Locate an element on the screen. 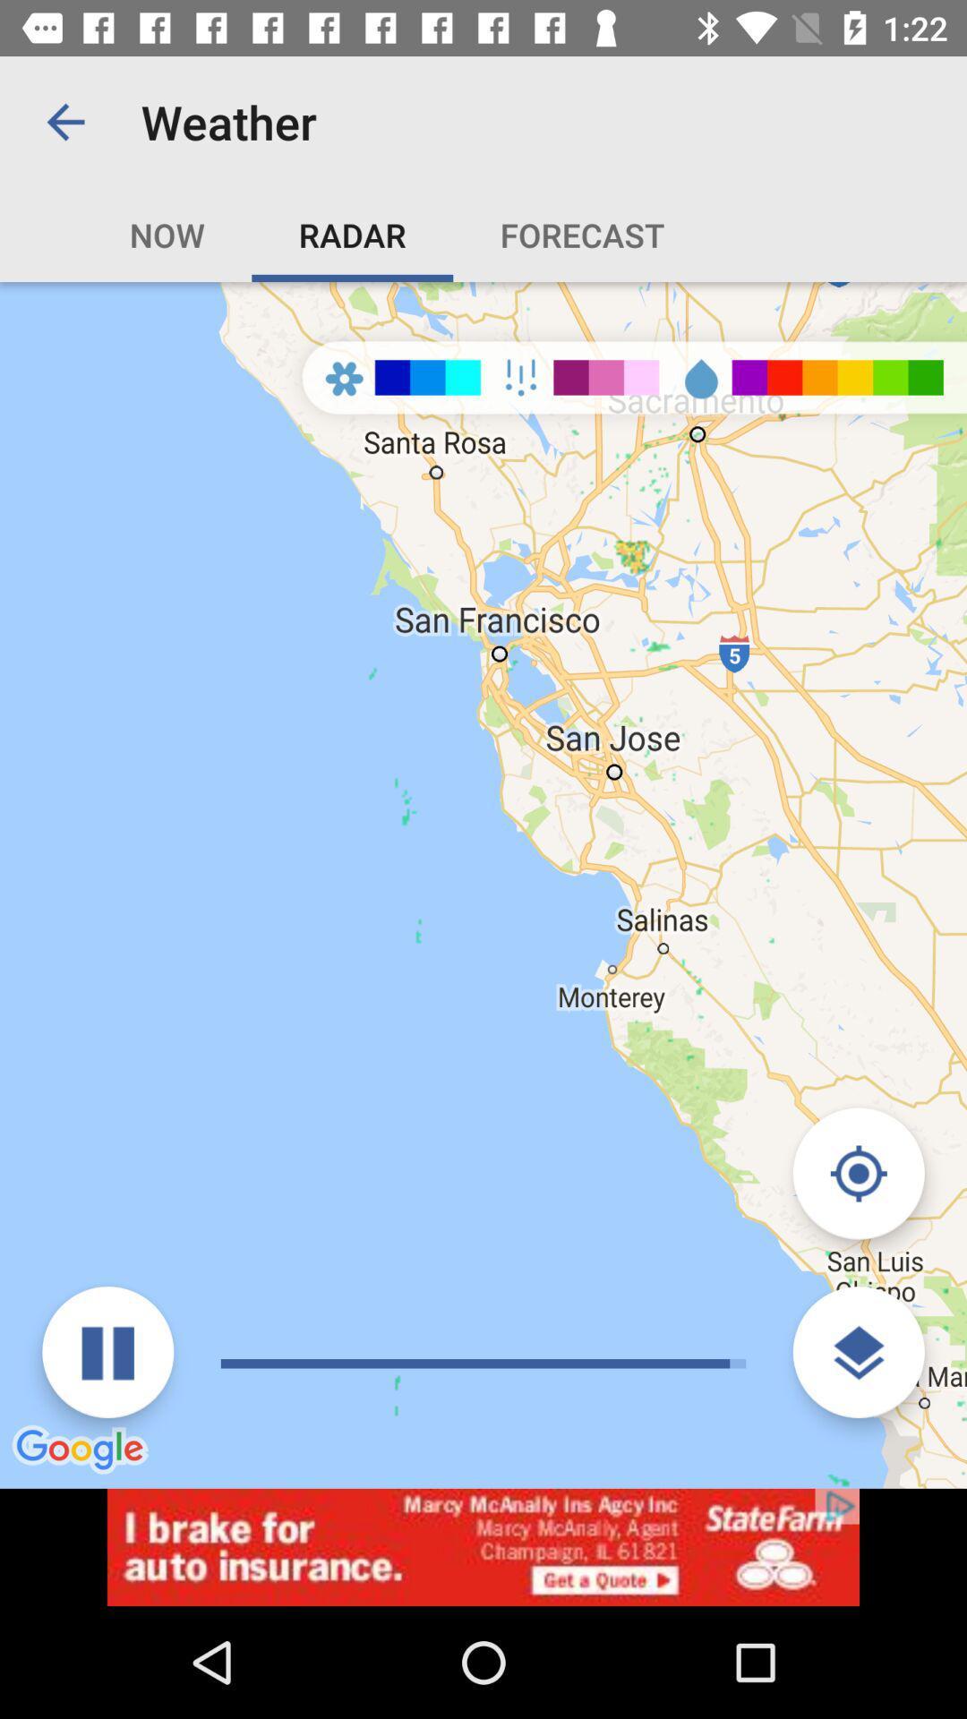  pause is located at coordinates (107, 1352).